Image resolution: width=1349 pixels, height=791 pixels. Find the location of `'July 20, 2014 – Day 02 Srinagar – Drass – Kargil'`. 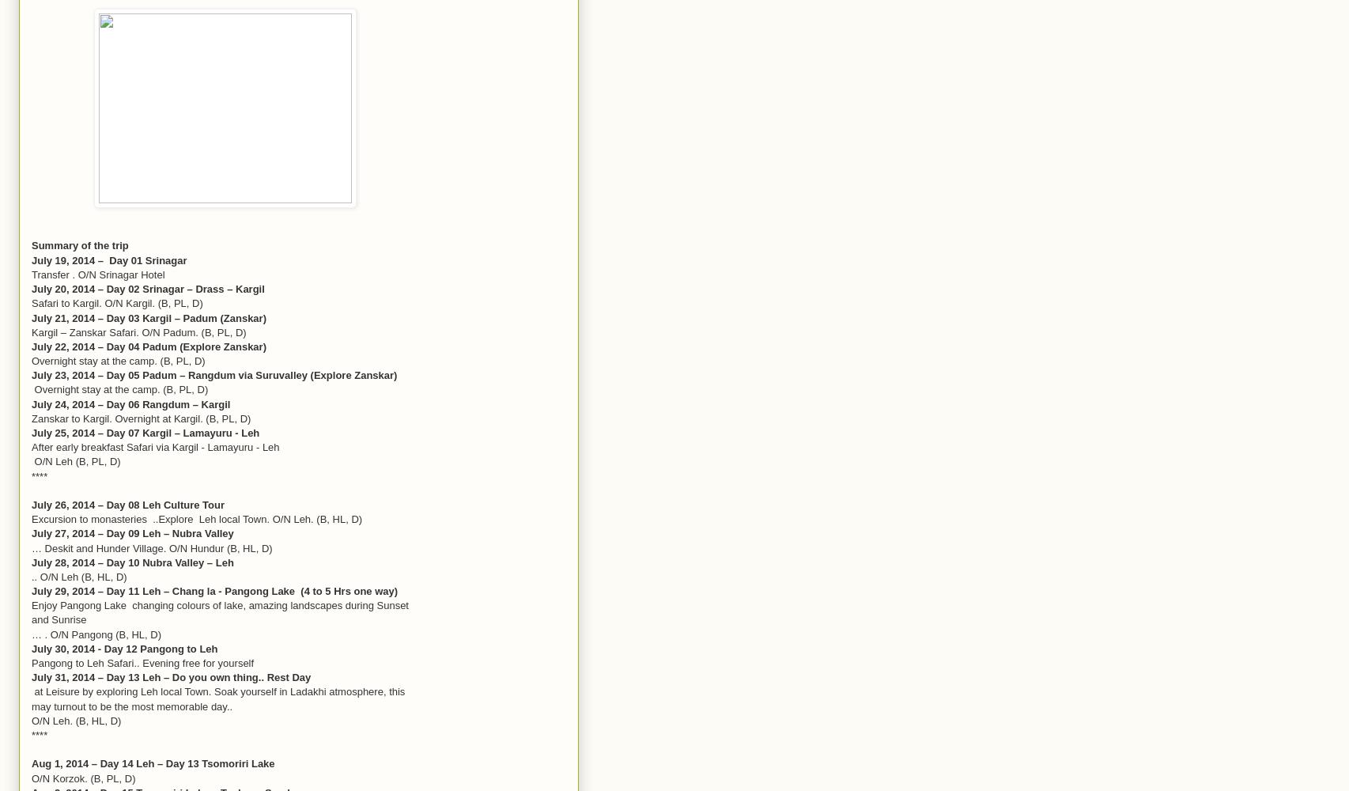

'July 20, 2014 – Day 02 Srinagar – Drass – Kargil' is located at coordinates (147, 288).